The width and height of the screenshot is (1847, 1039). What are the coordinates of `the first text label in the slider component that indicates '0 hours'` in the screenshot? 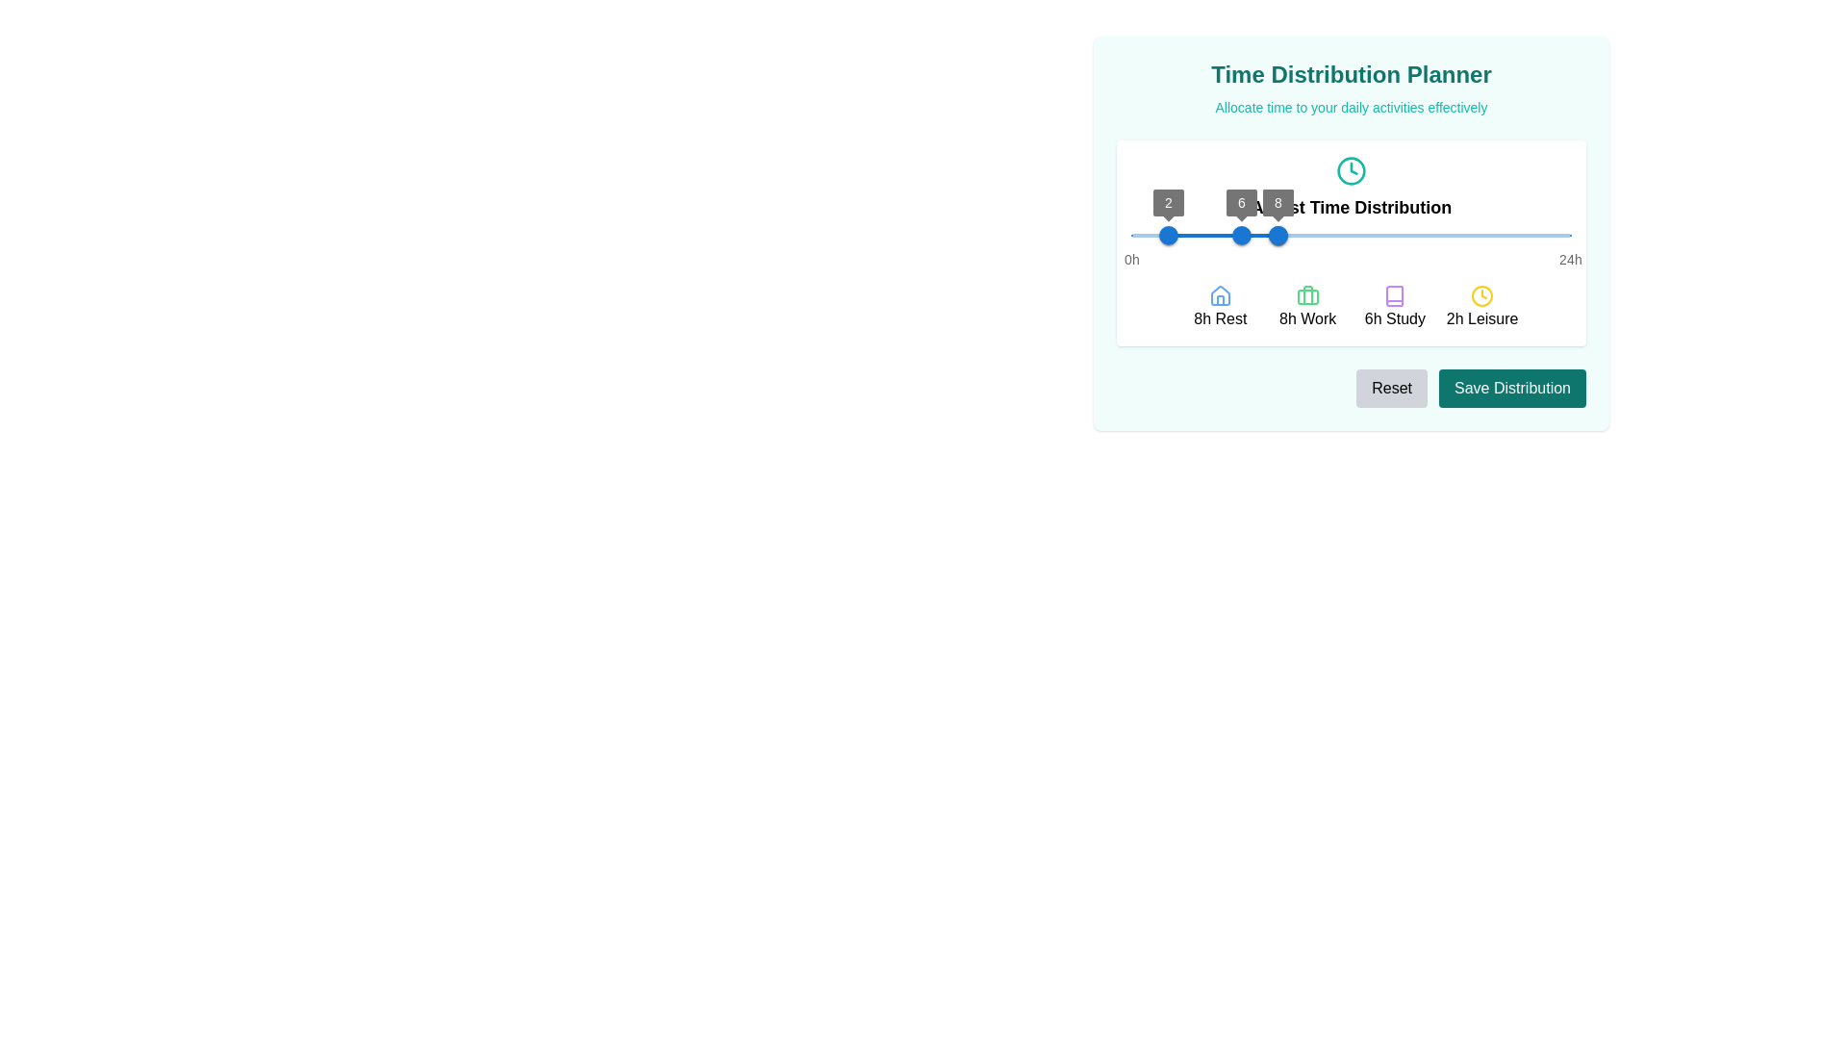 It's located at (1131, 260).